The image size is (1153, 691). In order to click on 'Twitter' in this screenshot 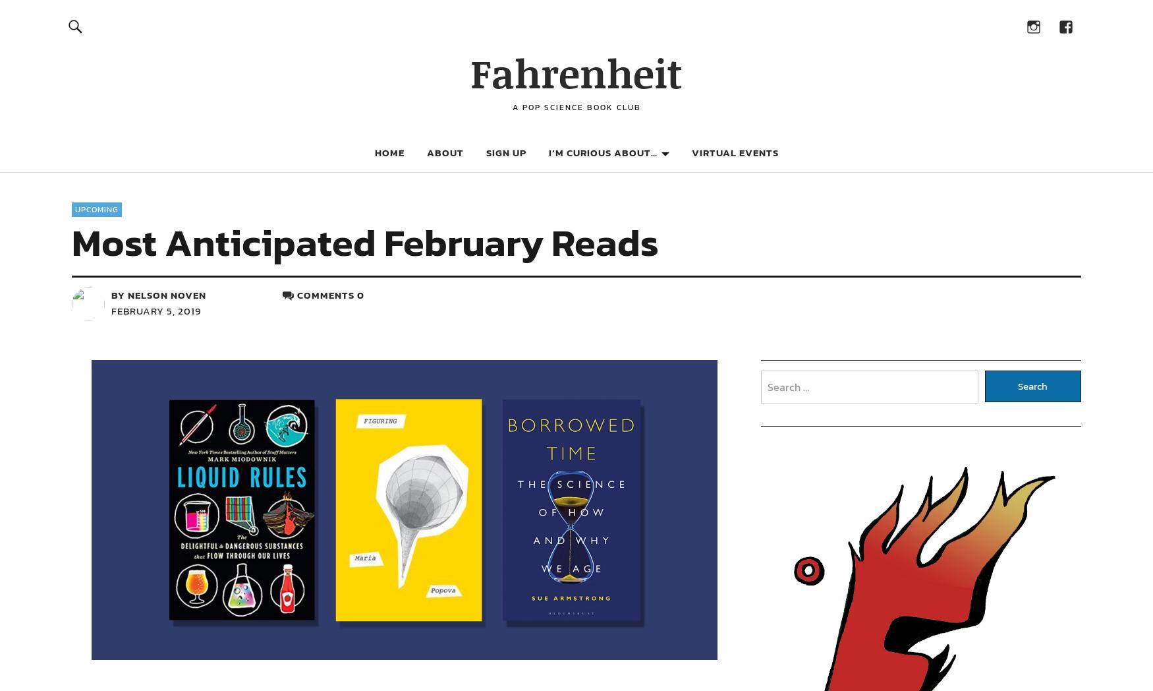, I will do `click(187, 370)`.